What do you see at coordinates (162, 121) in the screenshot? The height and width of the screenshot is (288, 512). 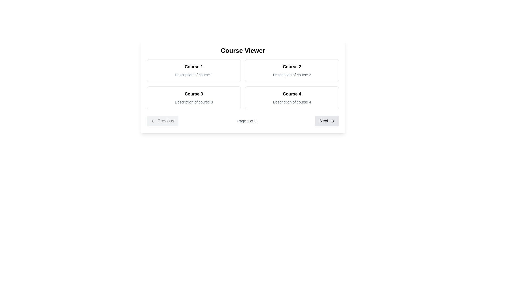 I see `the 'Previous' button located in the navigation bar at the bottom of the interface` at bounding box center [162, 121].